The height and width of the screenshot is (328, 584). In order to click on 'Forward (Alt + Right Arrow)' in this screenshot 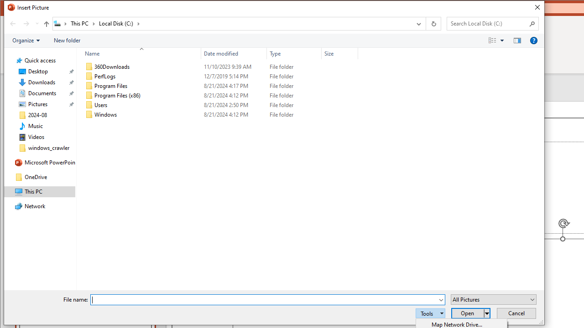, I will do `click(26, 23)`.